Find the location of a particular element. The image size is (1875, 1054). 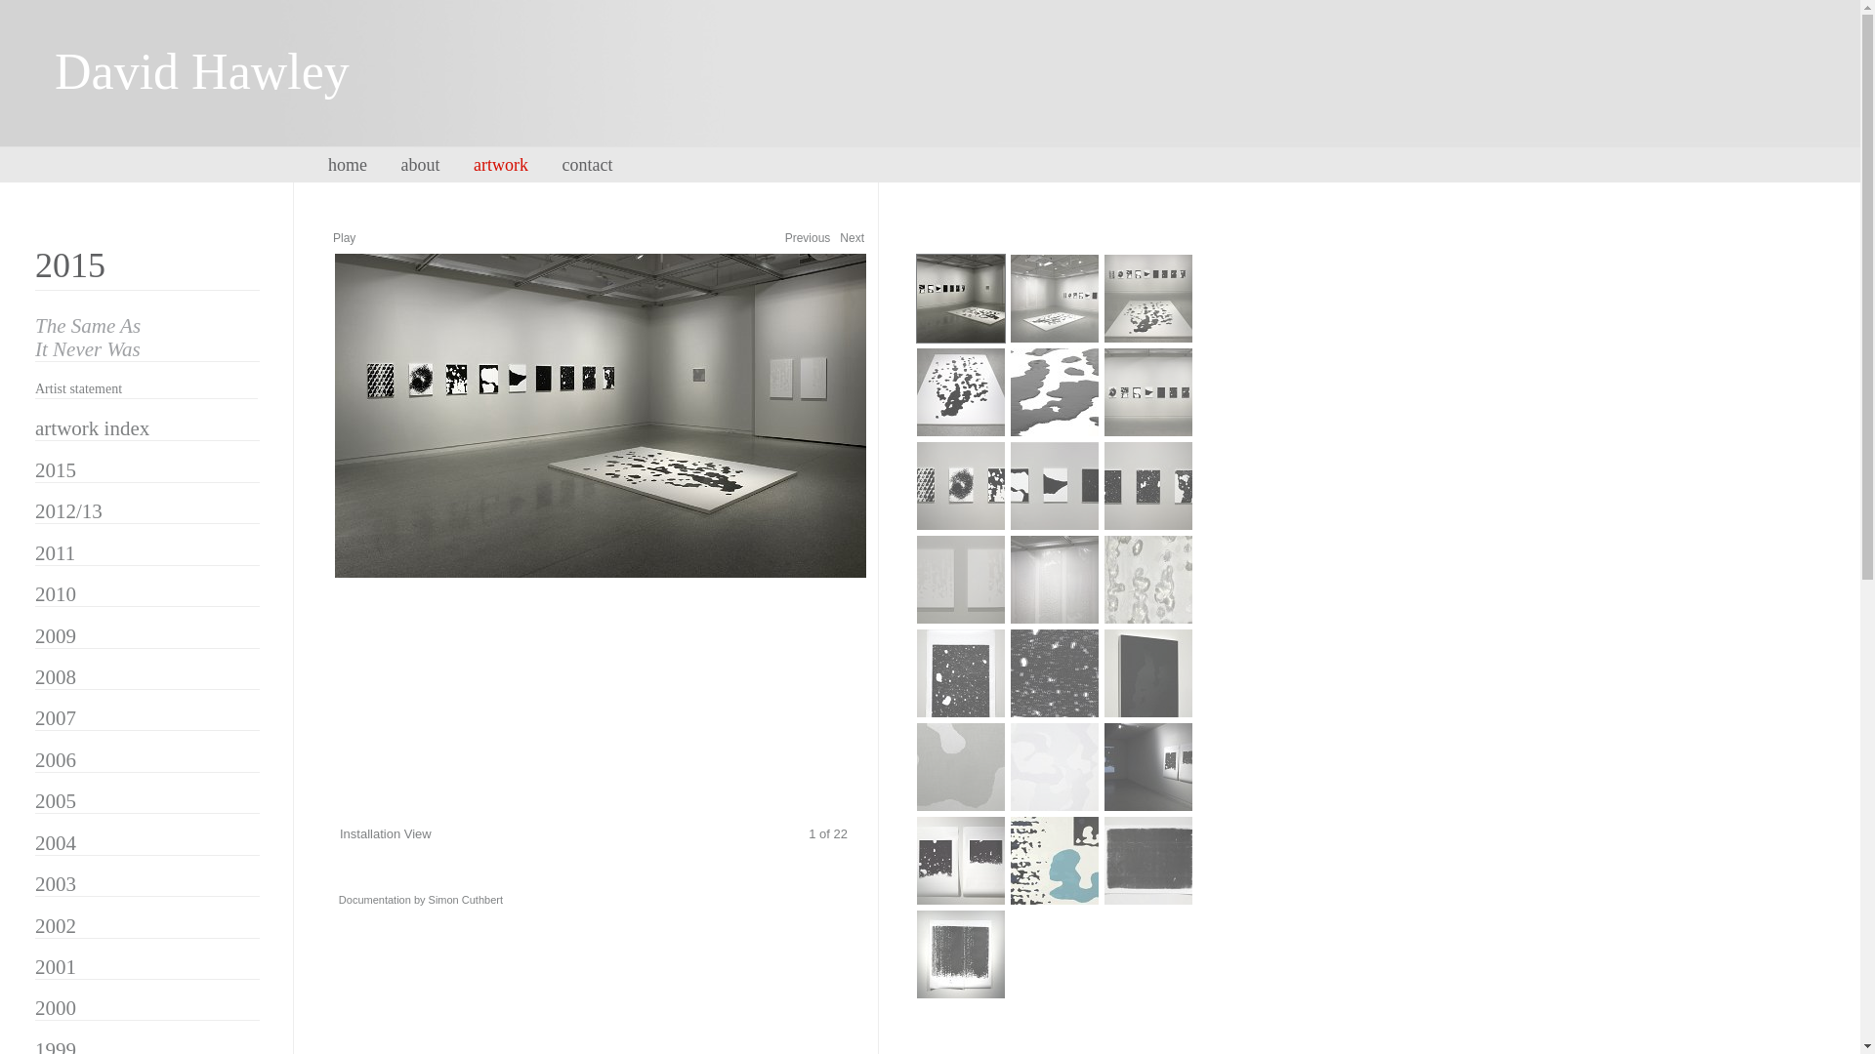

'contact' is located at coordinates (600, 164).